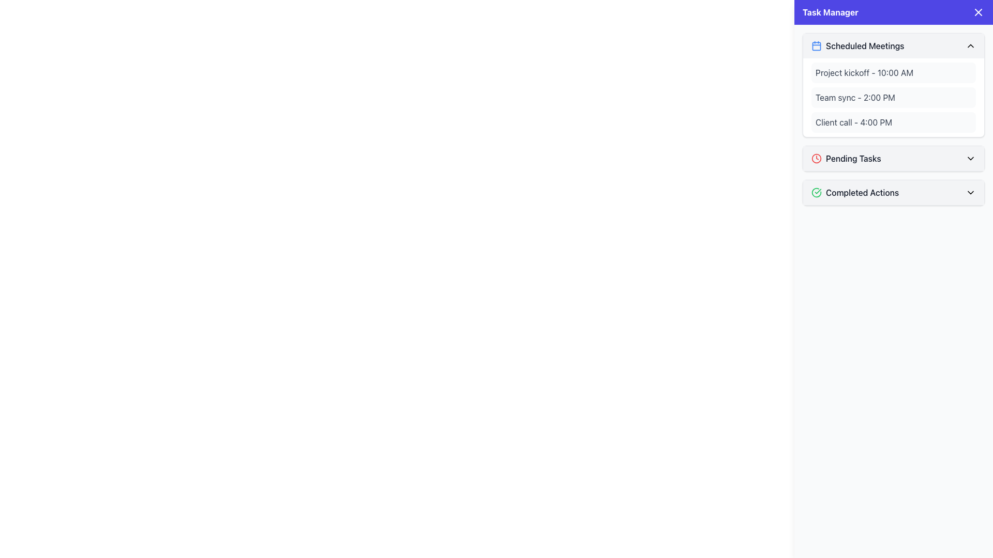  Describe the element at coordinates (816, 159) in the screenshot. I see `the clock icon that denotes time-related tasks in the 'Pending Tasks' section, located to the left of the 'Pending Tasks' text` at that location.